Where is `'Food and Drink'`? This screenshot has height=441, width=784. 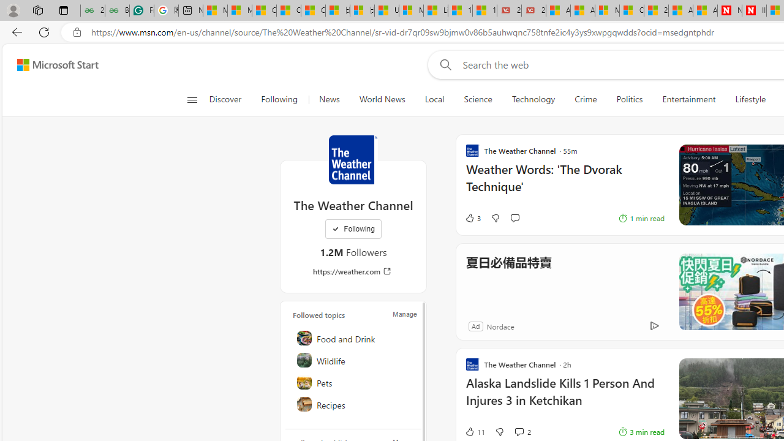
'Food and Drink' is located at coordinates (353, 337).